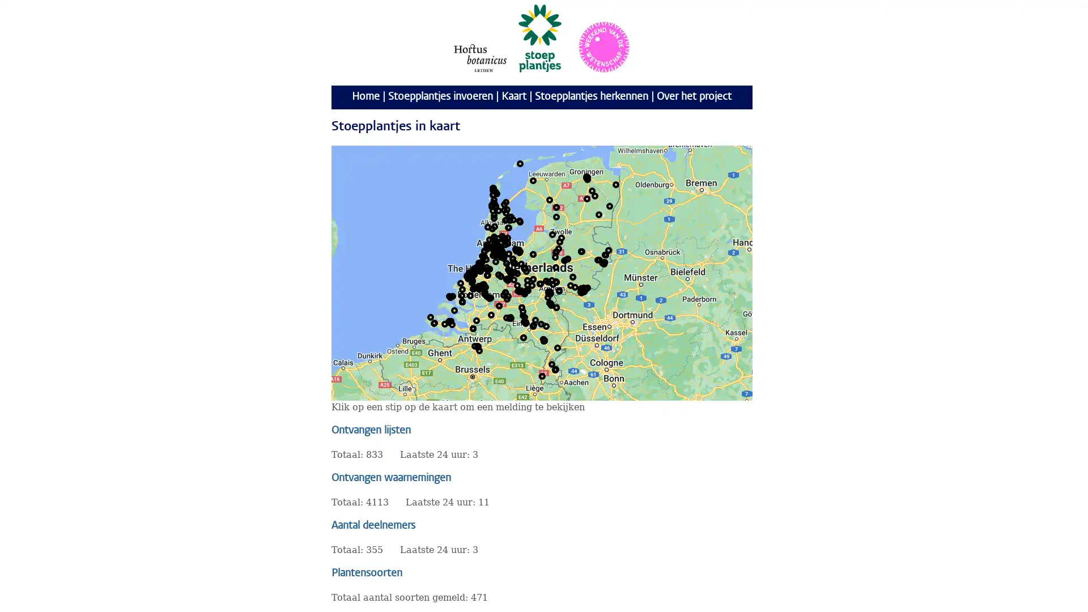  Describe the element at coordinates (544, 340) in the screenshot. I see `Telling van Ton Frenken op 23 mei 2022` at that location.